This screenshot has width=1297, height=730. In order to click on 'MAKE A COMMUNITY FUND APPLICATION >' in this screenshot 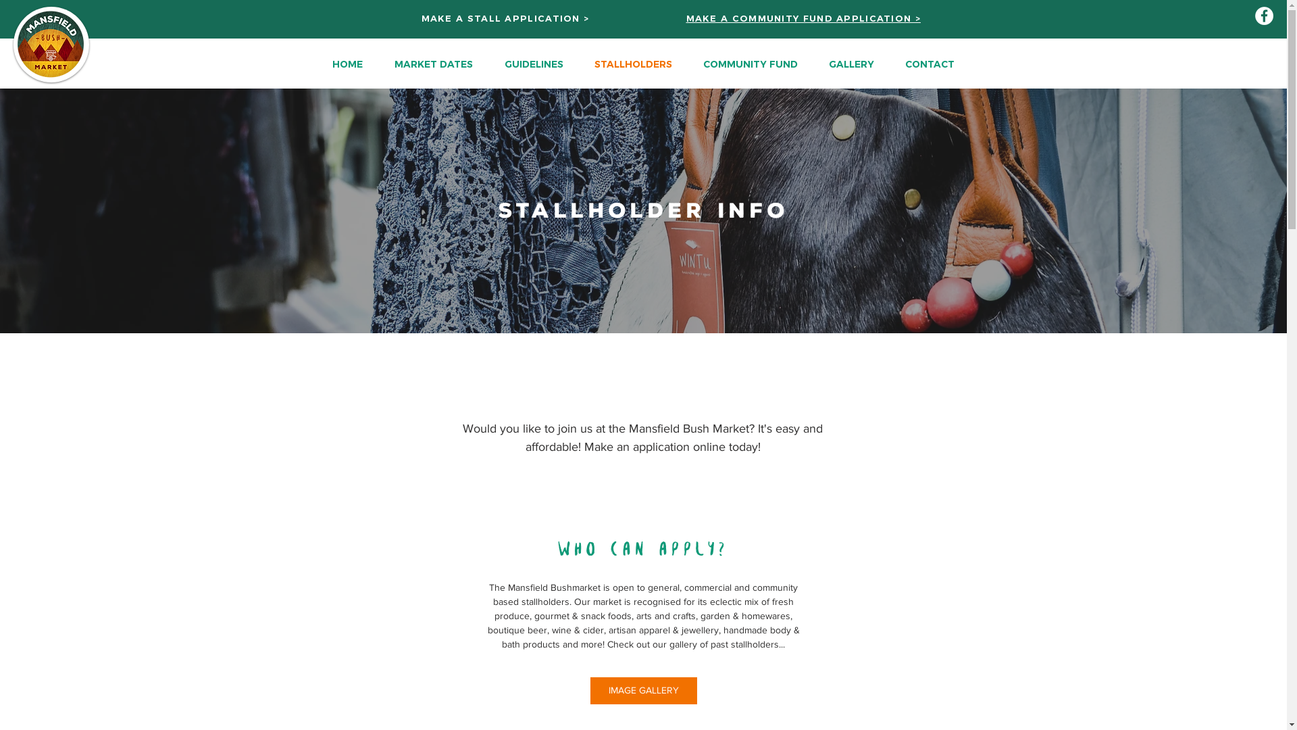, I will do `click(804, 18)`.